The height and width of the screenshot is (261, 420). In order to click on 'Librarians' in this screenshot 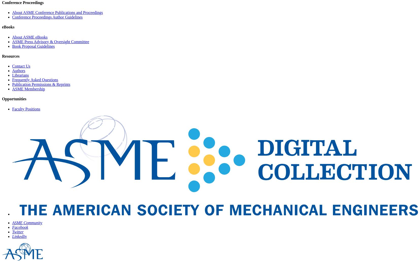, I will do `click(12, 75)`.